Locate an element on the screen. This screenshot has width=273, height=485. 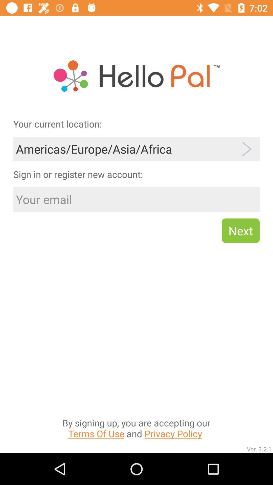
the next item is located at coordinates (240, 230).